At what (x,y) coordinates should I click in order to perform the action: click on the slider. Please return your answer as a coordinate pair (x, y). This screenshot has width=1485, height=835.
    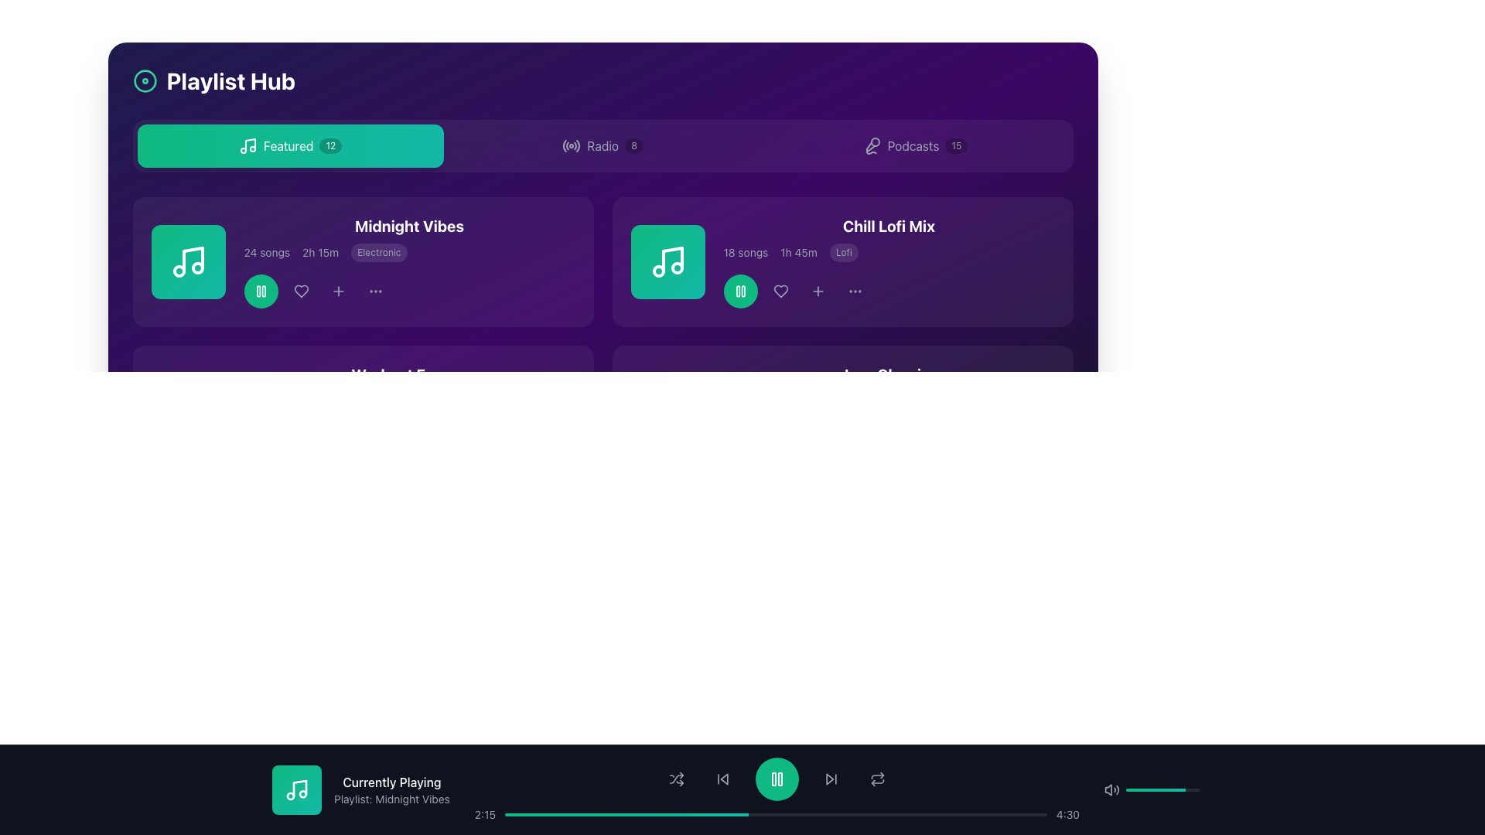
    Looking at the image, I should click on (1132, 790).